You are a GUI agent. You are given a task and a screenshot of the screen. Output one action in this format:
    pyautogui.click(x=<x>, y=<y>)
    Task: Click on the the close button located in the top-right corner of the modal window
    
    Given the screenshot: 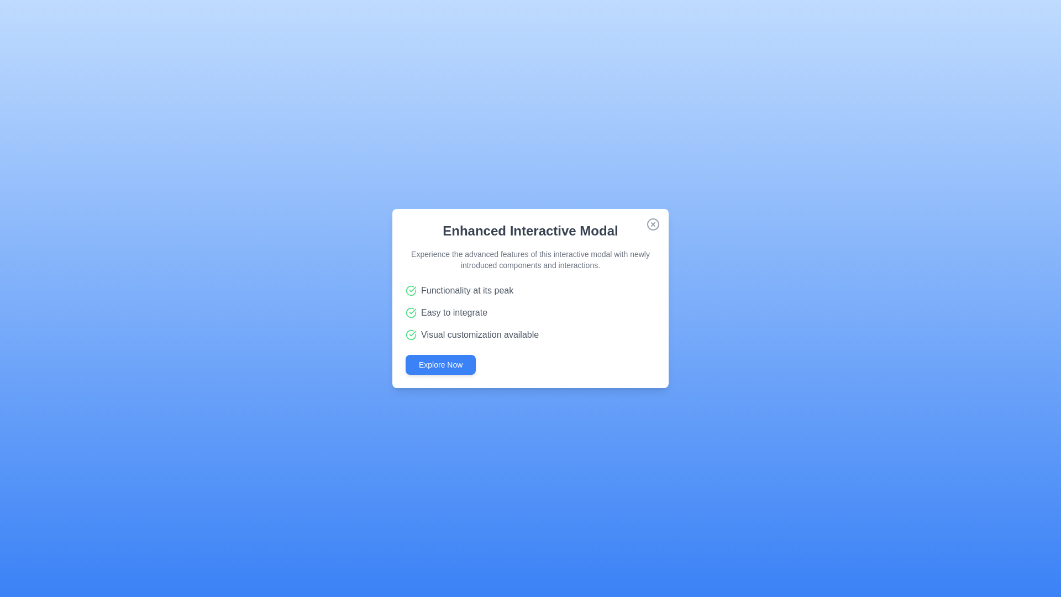 What is the action you would take?
    pyautogui.click(x=653, y=224)
    